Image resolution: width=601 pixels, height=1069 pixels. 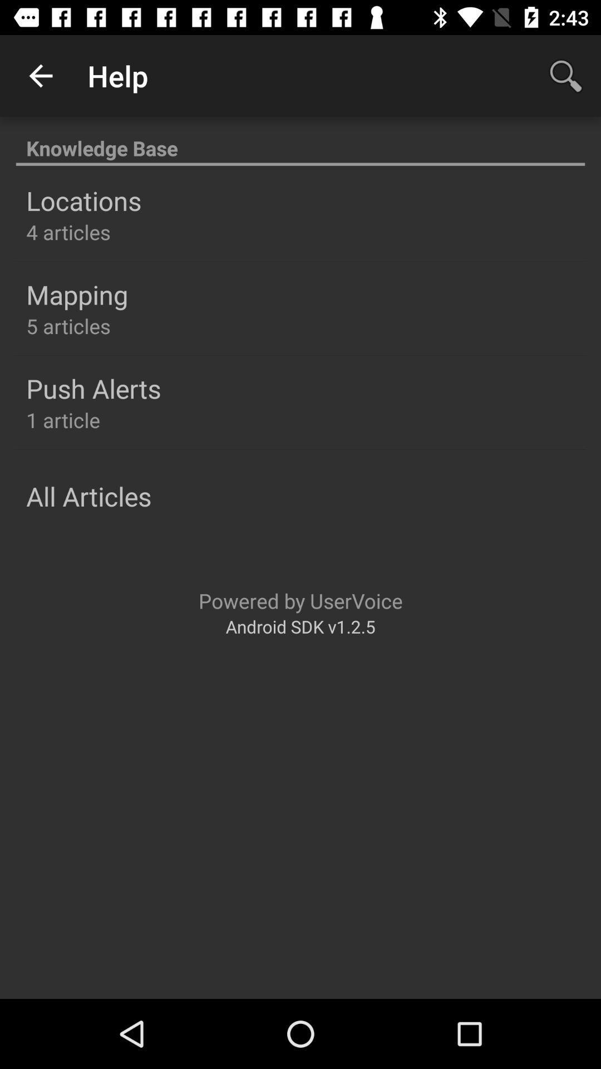 What do you see at coordinates (76, 295) in the screenshot?
I see `the mapping` at bounding box center [76, 295].